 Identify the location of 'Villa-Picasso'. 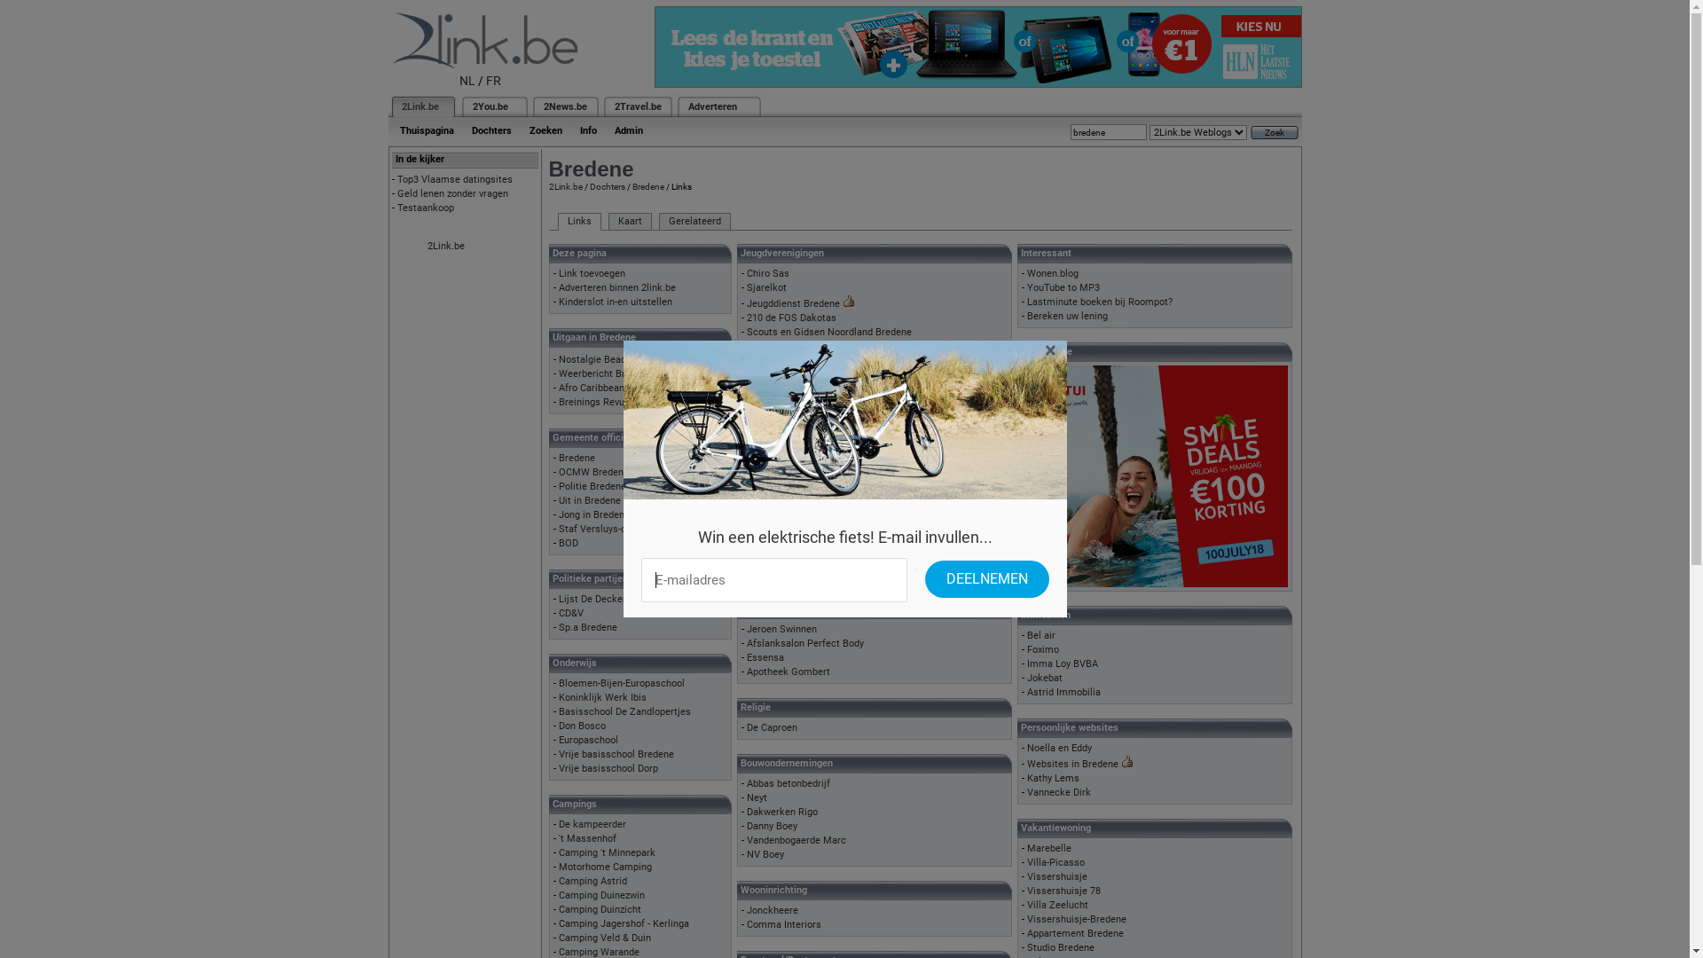
(1056, 861).